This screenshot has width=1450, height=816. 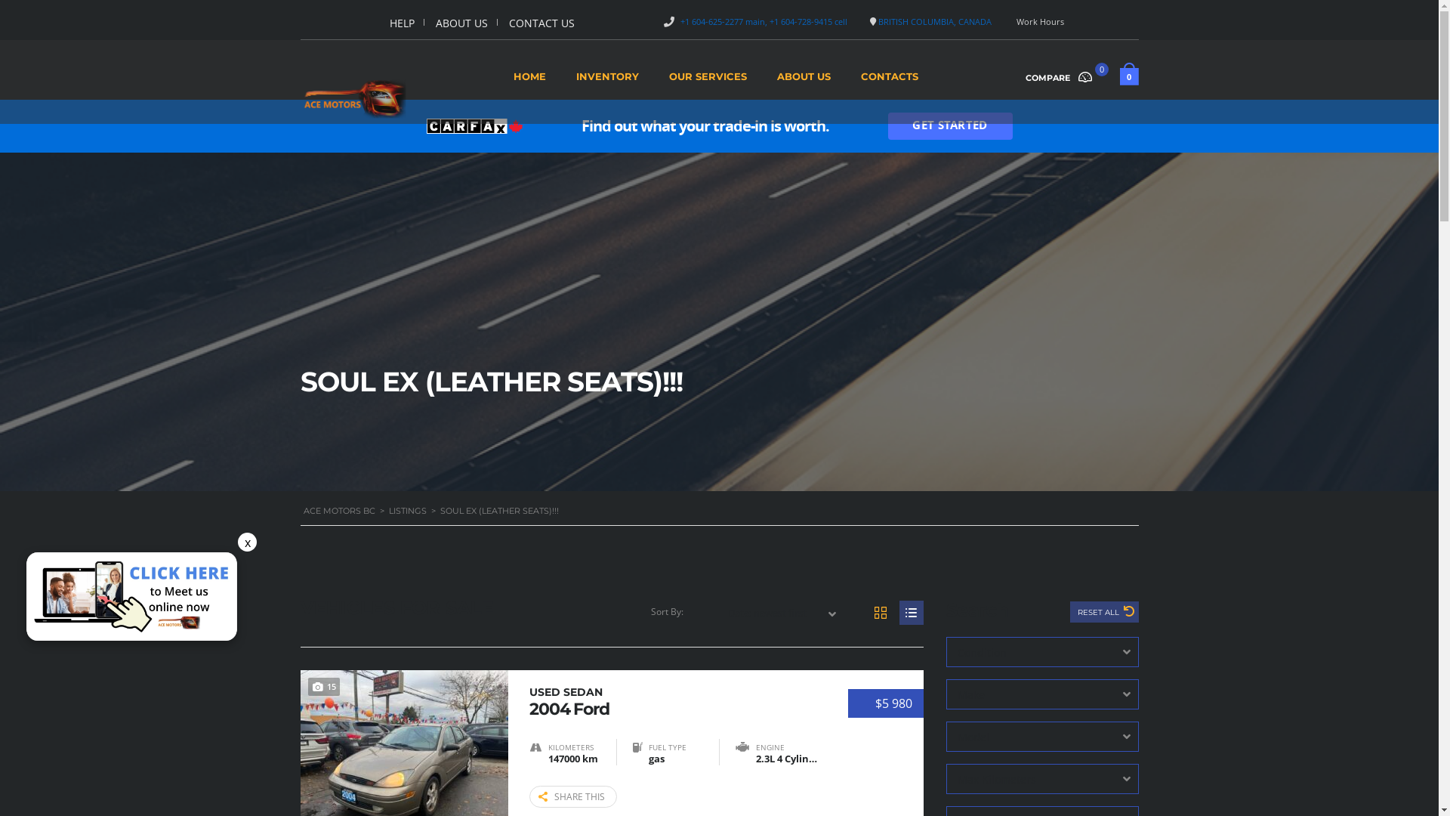 I want to click on 'RESET ALL', so click(x=1103, y=612).